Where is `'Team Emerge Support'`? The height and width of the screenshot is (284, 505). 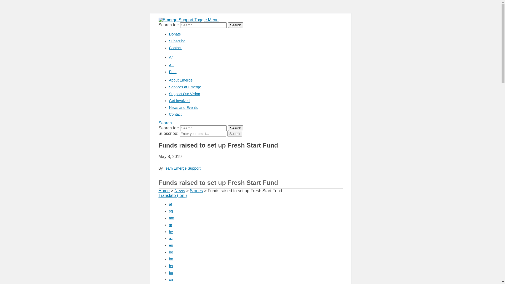
'Team Emerge Support' is located at coordinates (182, 168).